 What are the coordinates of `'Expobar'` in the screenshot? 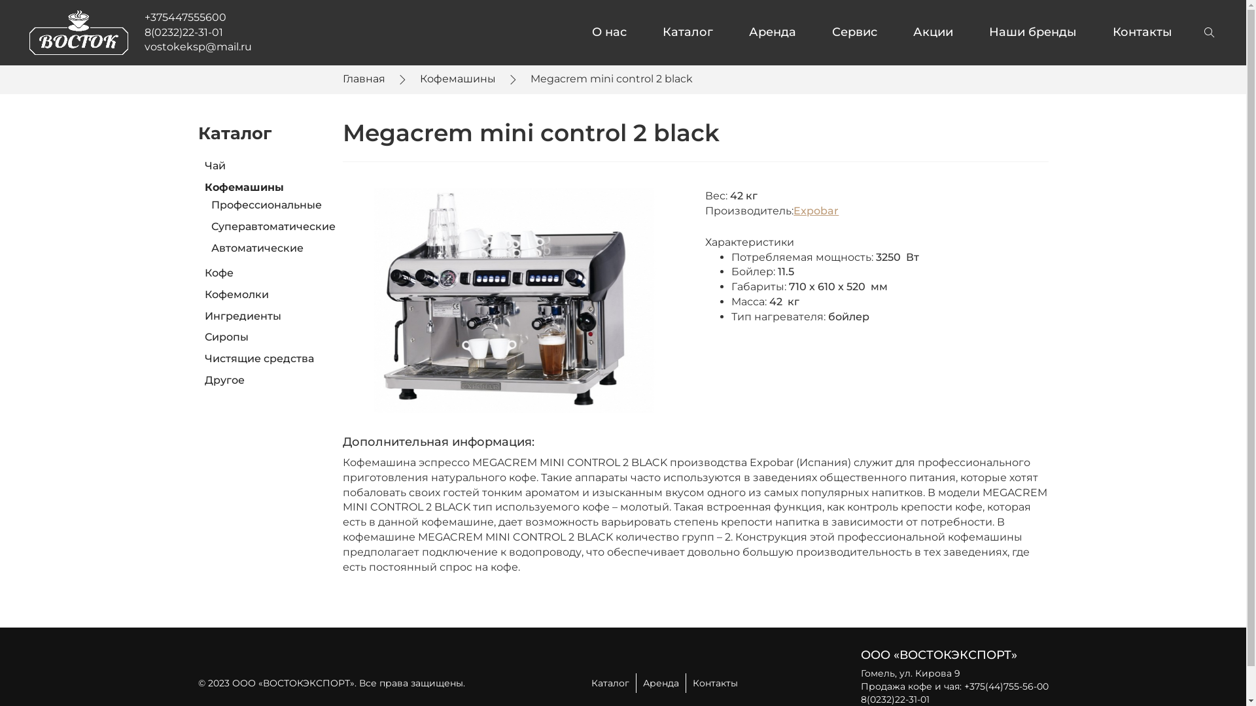 It's located at (815, 210).